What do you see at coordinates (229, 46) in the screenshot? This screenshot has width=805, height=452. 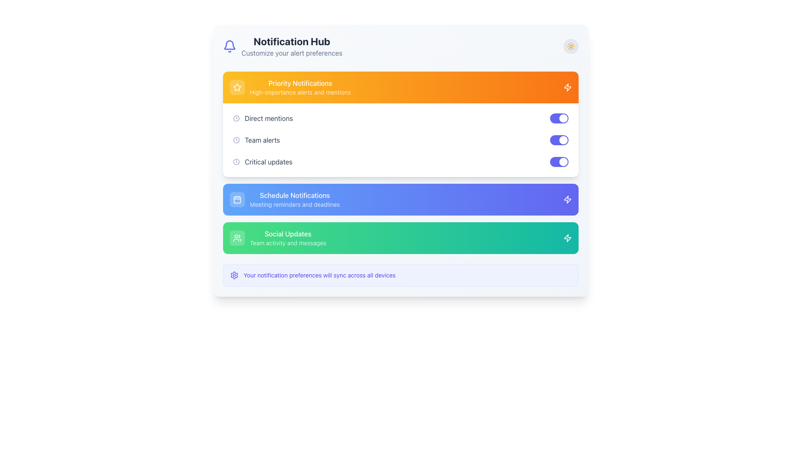 I see `the indigo bell icon located to the left of the 'Notification Hub' text` at bounding box center [229, 46].